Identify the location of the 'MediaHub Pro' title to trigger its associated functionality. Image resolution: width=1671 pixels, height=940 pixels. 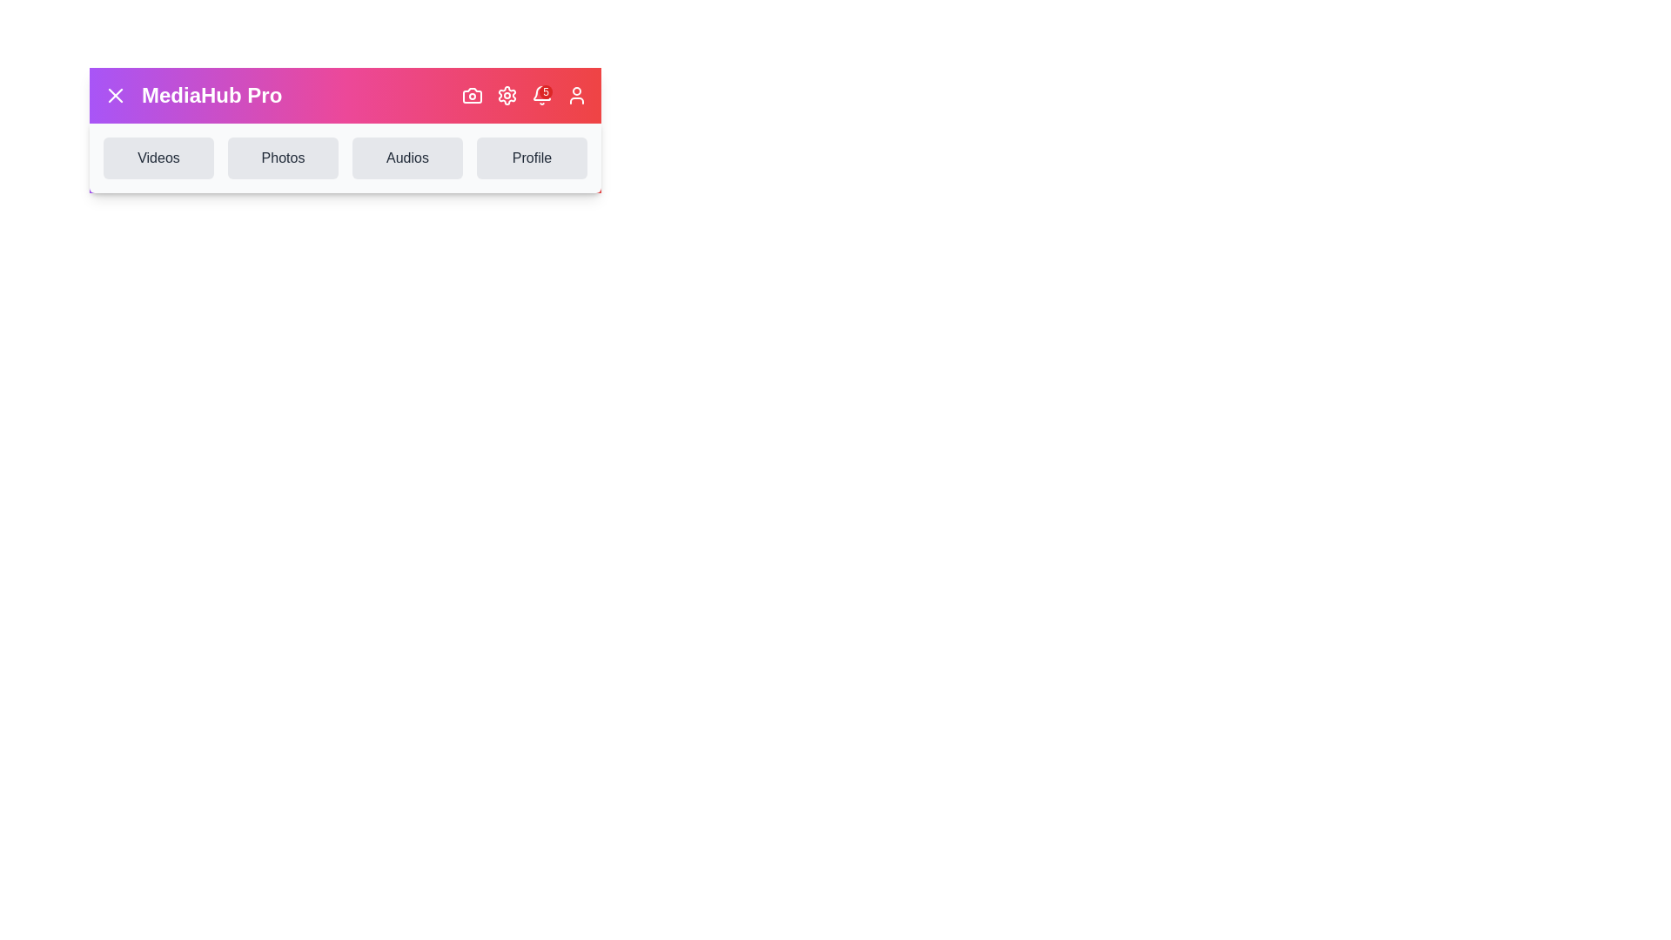
(211, 96).